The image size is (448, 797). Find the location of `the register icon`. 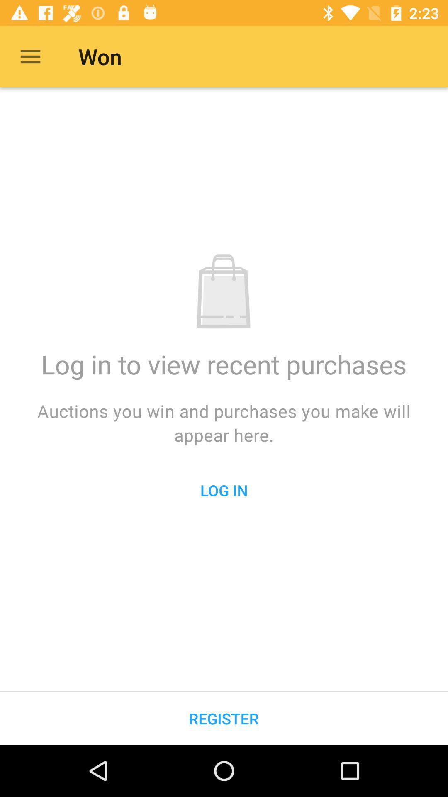

the register icon is located at coordinates (223, 718).